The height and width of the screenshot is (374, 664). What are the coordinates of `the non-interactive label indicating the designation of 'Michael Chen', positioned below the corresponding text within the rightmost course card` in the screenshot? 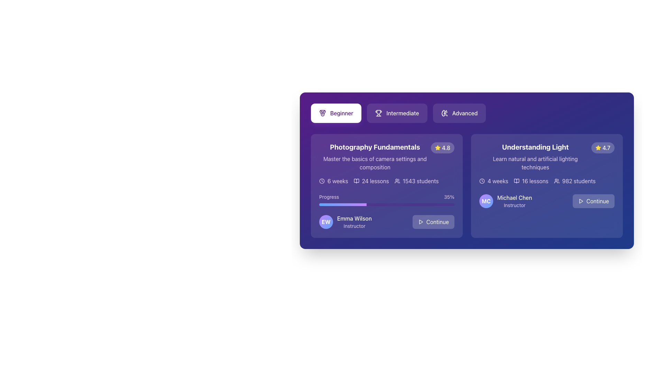 It's located at (515, 205).